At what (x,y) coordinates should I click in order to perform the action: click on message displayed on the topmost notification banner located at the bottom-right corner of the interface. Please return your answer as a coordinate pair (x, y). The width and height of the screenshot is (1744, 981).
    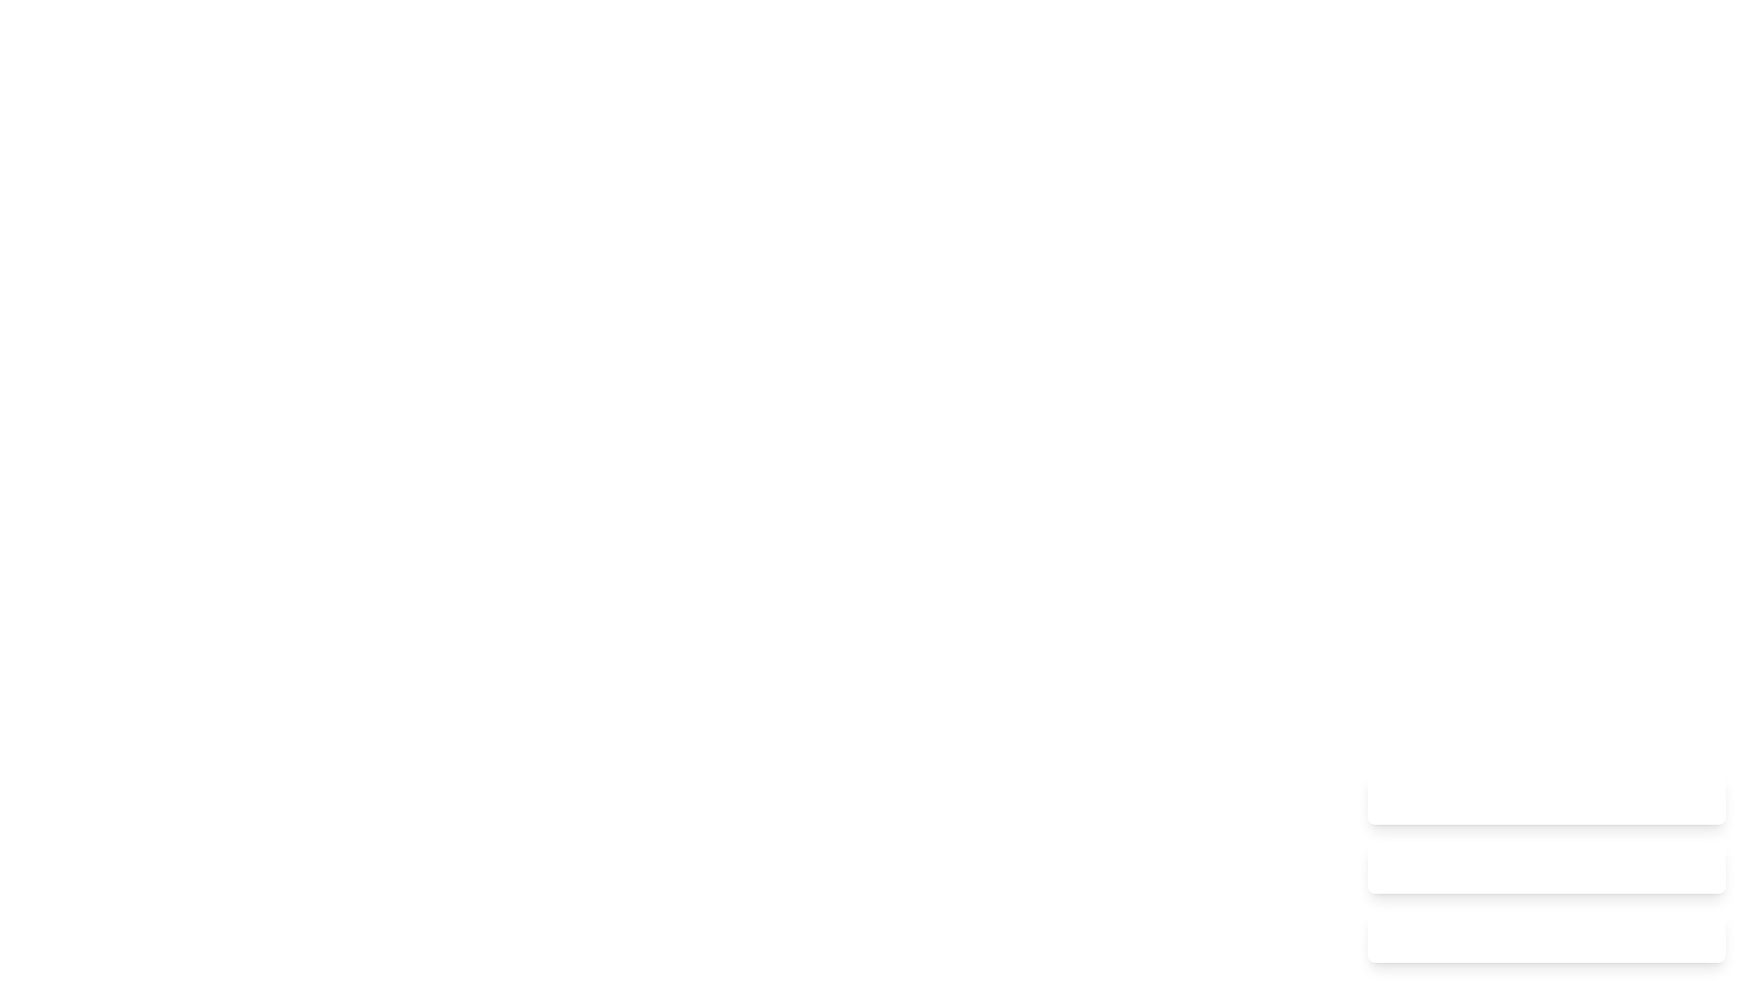
    Looking at the image, I should click on (1545, 798).